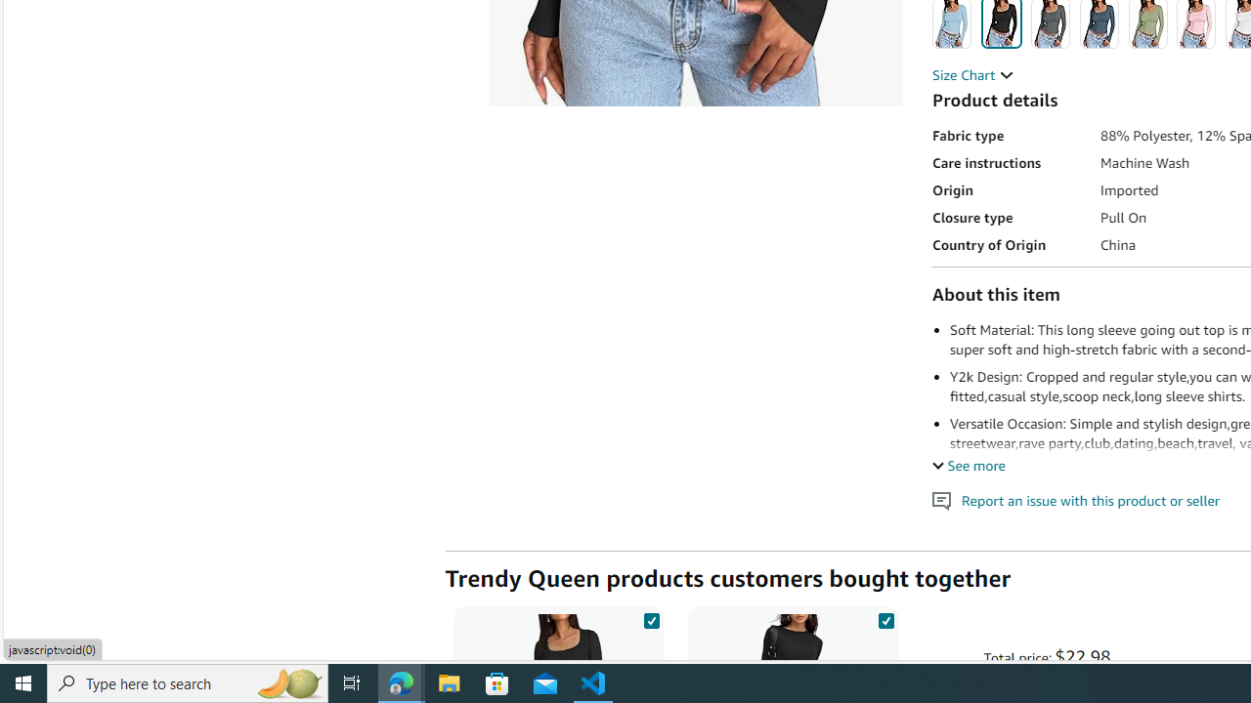  What do you see at coordinates (884, 617) in the screenshot?
I see `'AutomationID: thematicBundleCheck-2'` at bounding box center [884, 617].